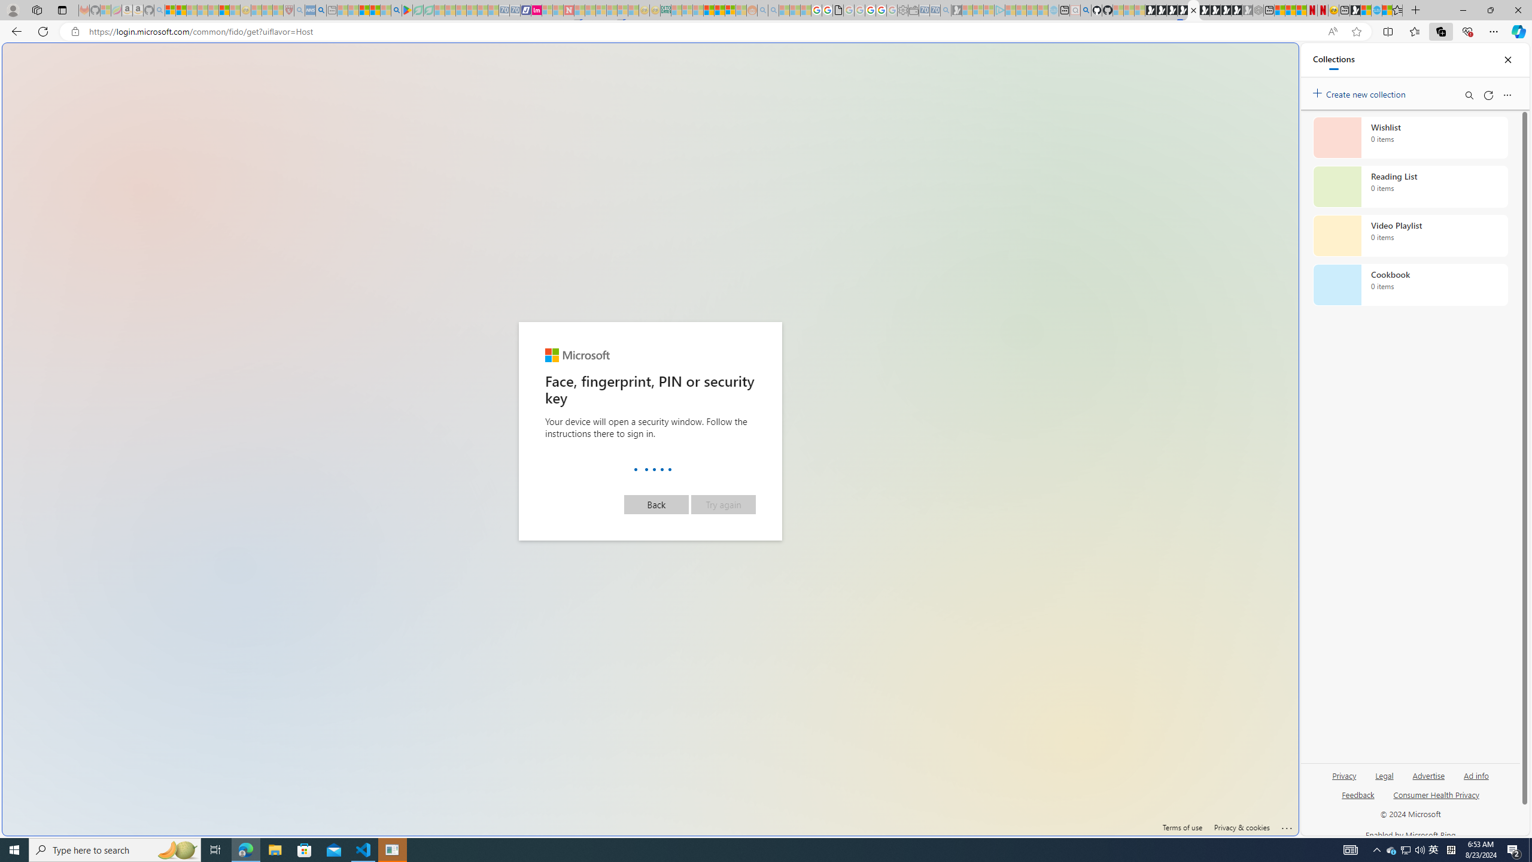  Describe the element at coordinates (590, 10) in the screenshot. I see `'14 Common Myths Debunked By Scientific Facts - Sleeping'` at that location.